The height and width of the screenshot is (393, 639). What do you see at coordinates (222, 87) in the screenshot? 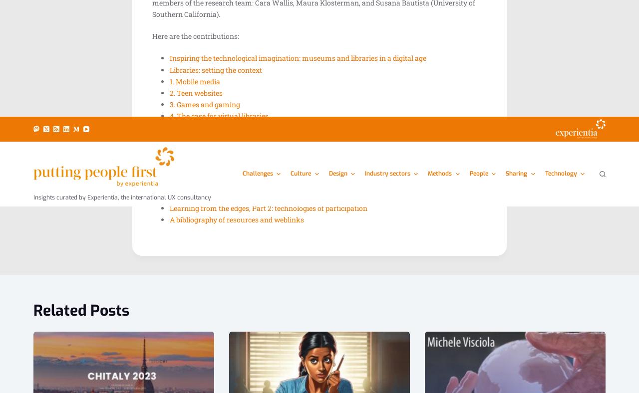
I see `'MuseumMobile Wiki » Fresh From Twitter today'` at bounding box center [222, 87].